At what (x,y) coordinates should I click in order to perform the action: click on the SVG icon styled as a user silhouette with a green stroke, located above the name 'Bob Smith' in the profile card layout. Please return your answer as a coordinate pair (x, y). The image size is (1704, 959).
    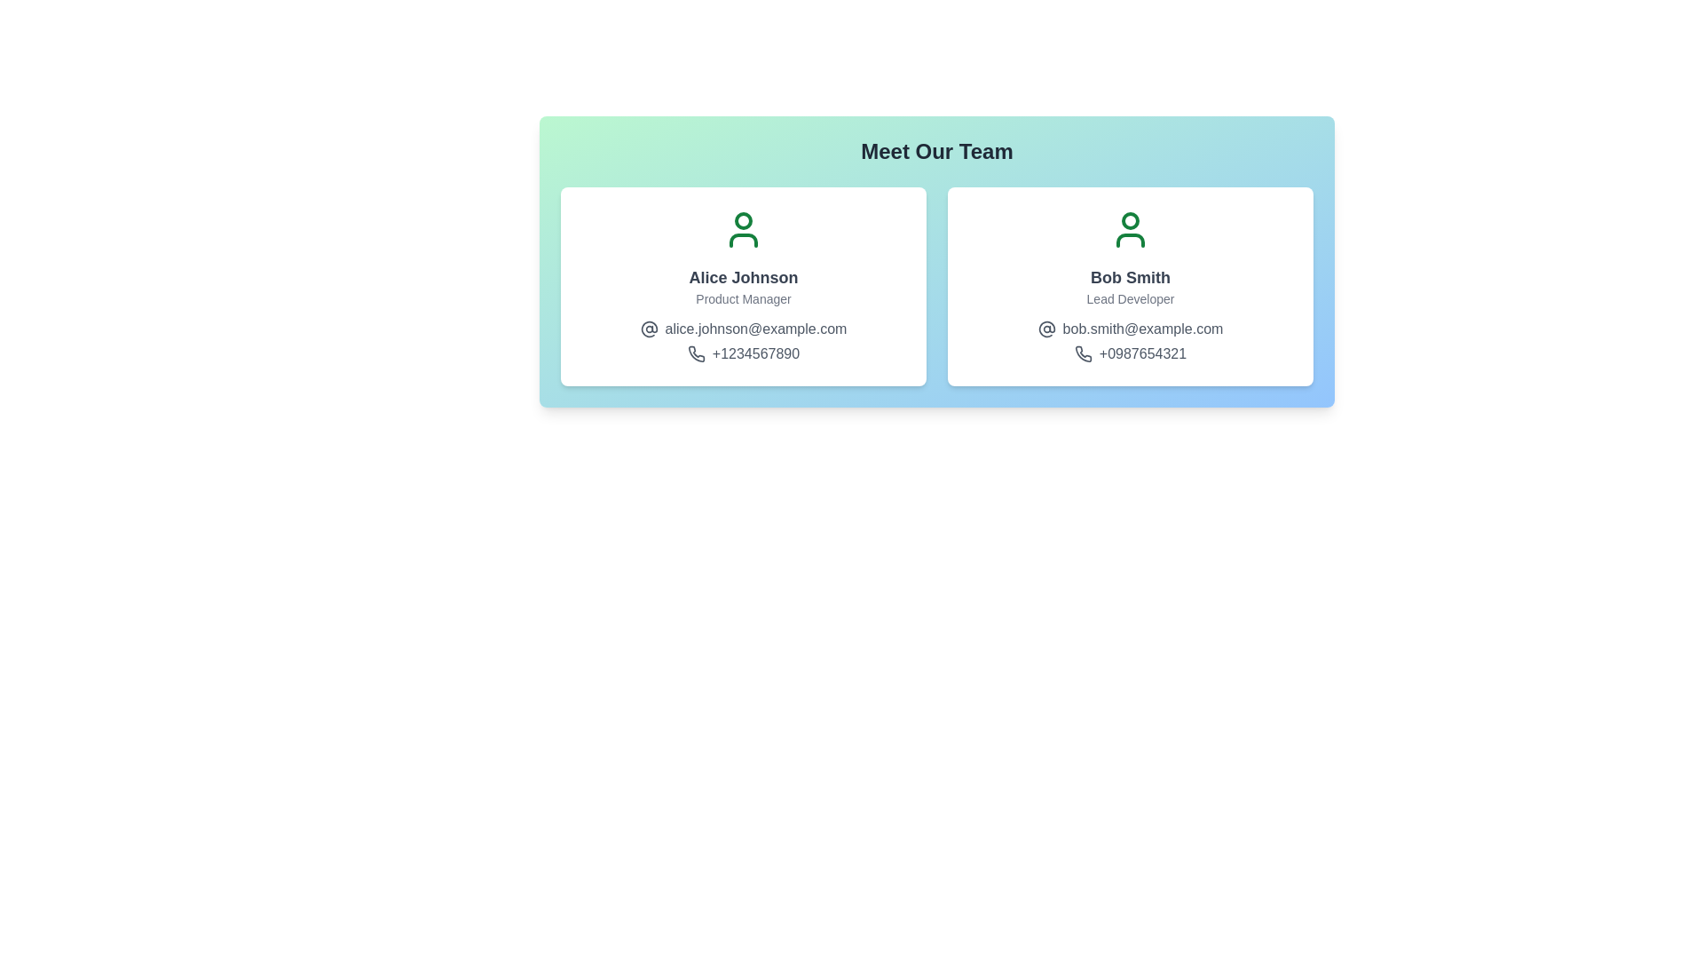
    Looking at the image, I should click on (1129, 228).